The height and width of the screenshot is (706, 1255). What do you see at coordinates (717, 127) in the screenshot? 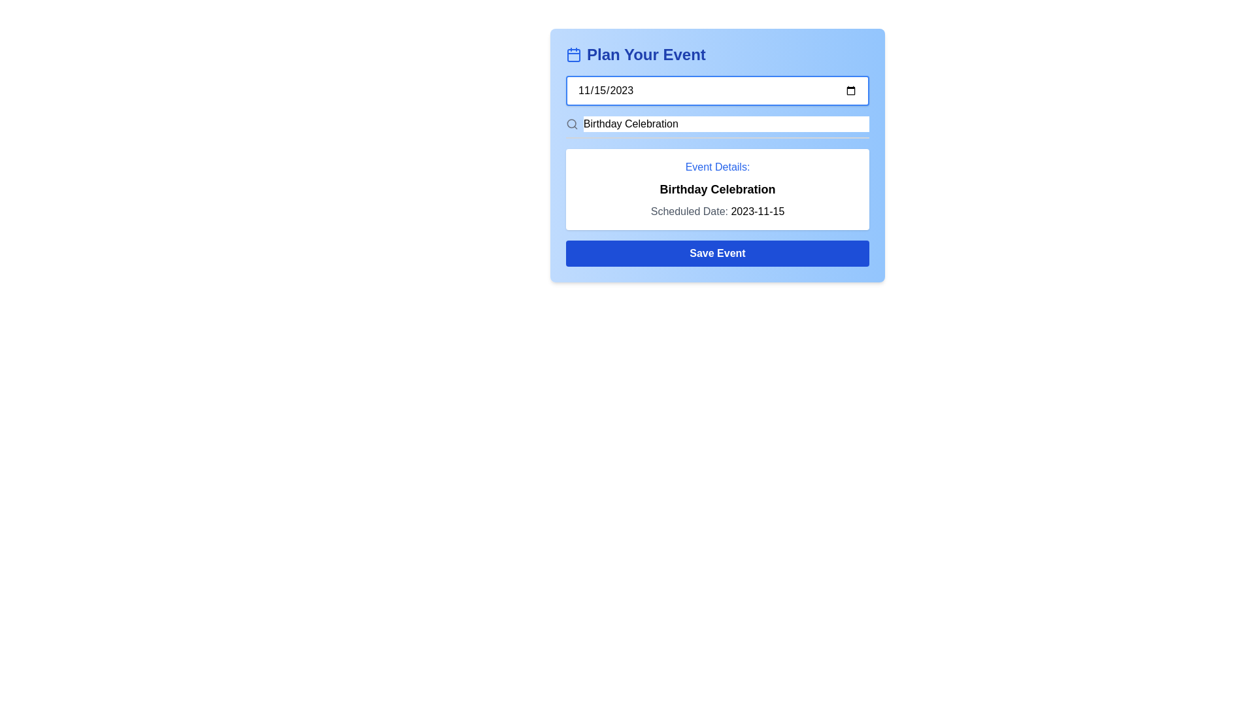
I see `the interactive text input field for entering the event name to focus it` at bounding box center [717, 127].